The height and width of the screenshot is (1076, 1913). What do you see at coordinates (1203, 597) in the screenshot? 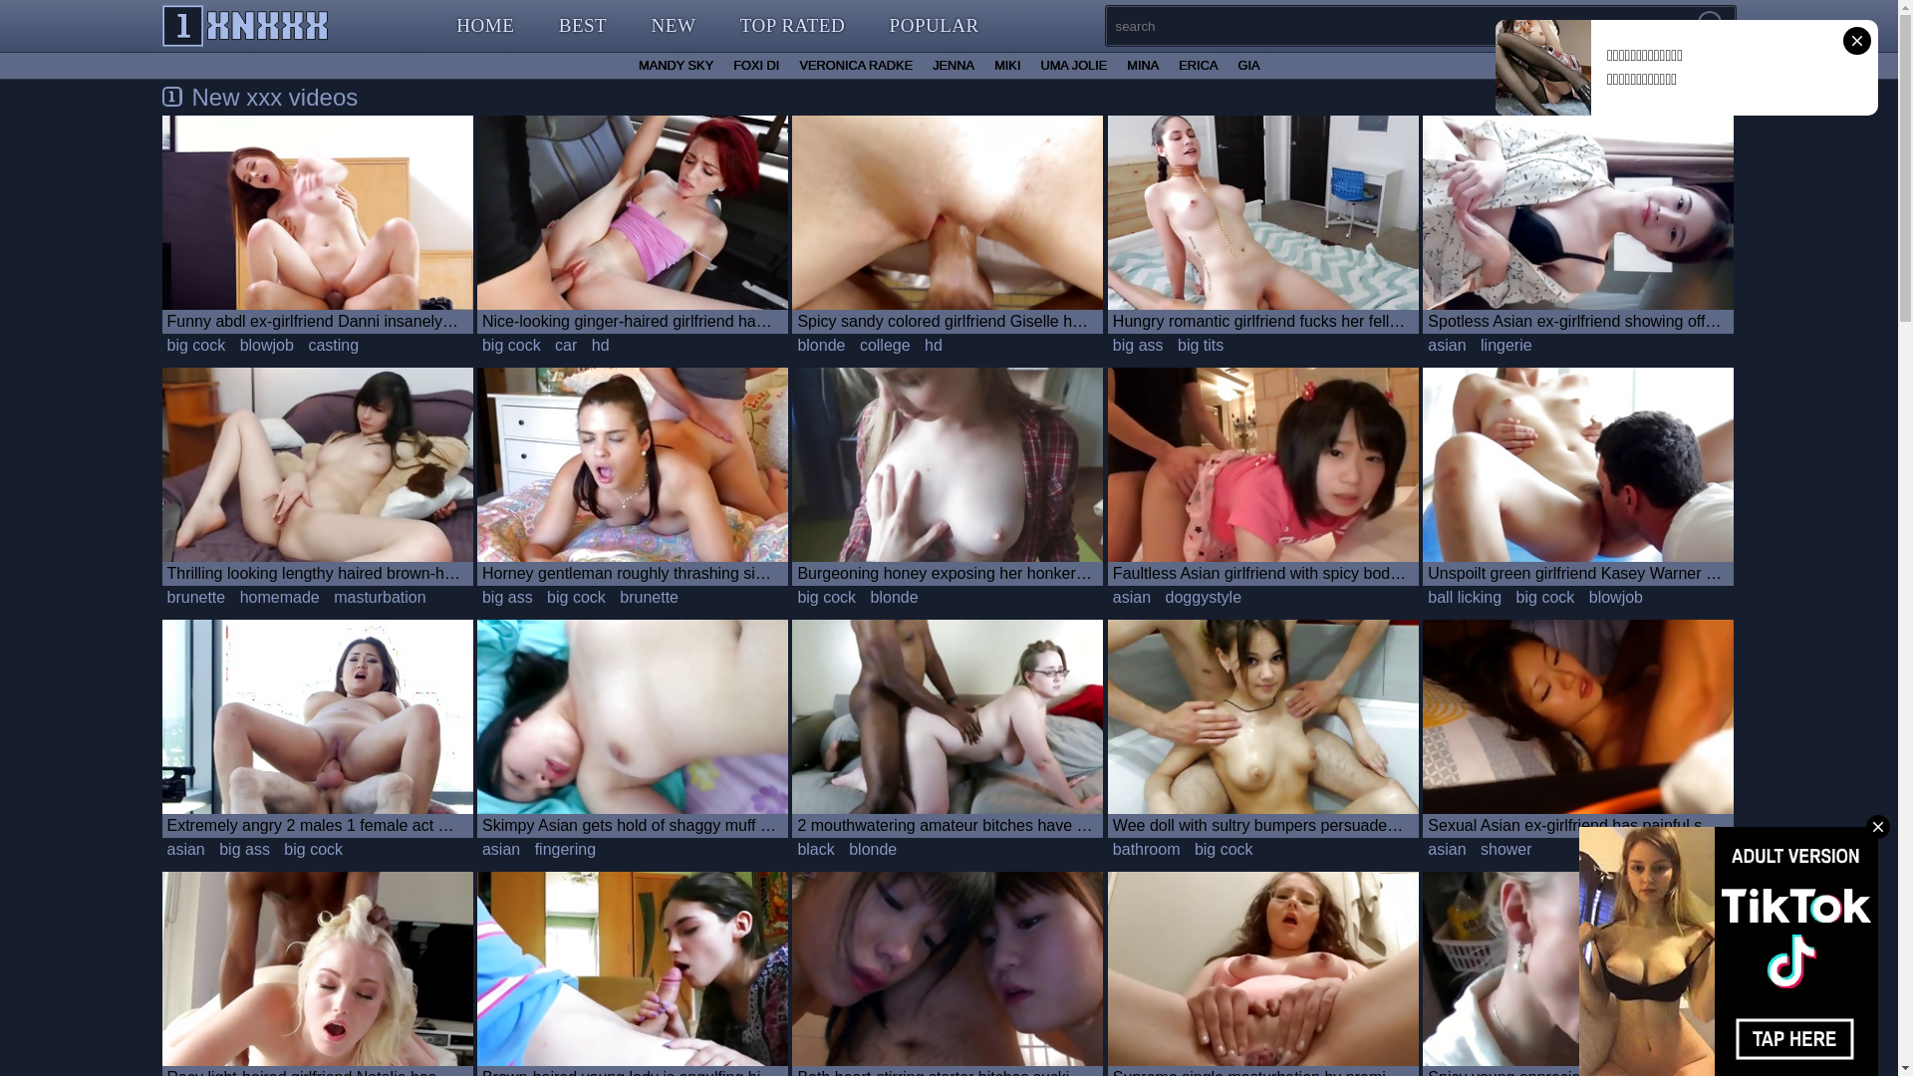
I see `'doggystyle'` at bounding box center [1203, 597].